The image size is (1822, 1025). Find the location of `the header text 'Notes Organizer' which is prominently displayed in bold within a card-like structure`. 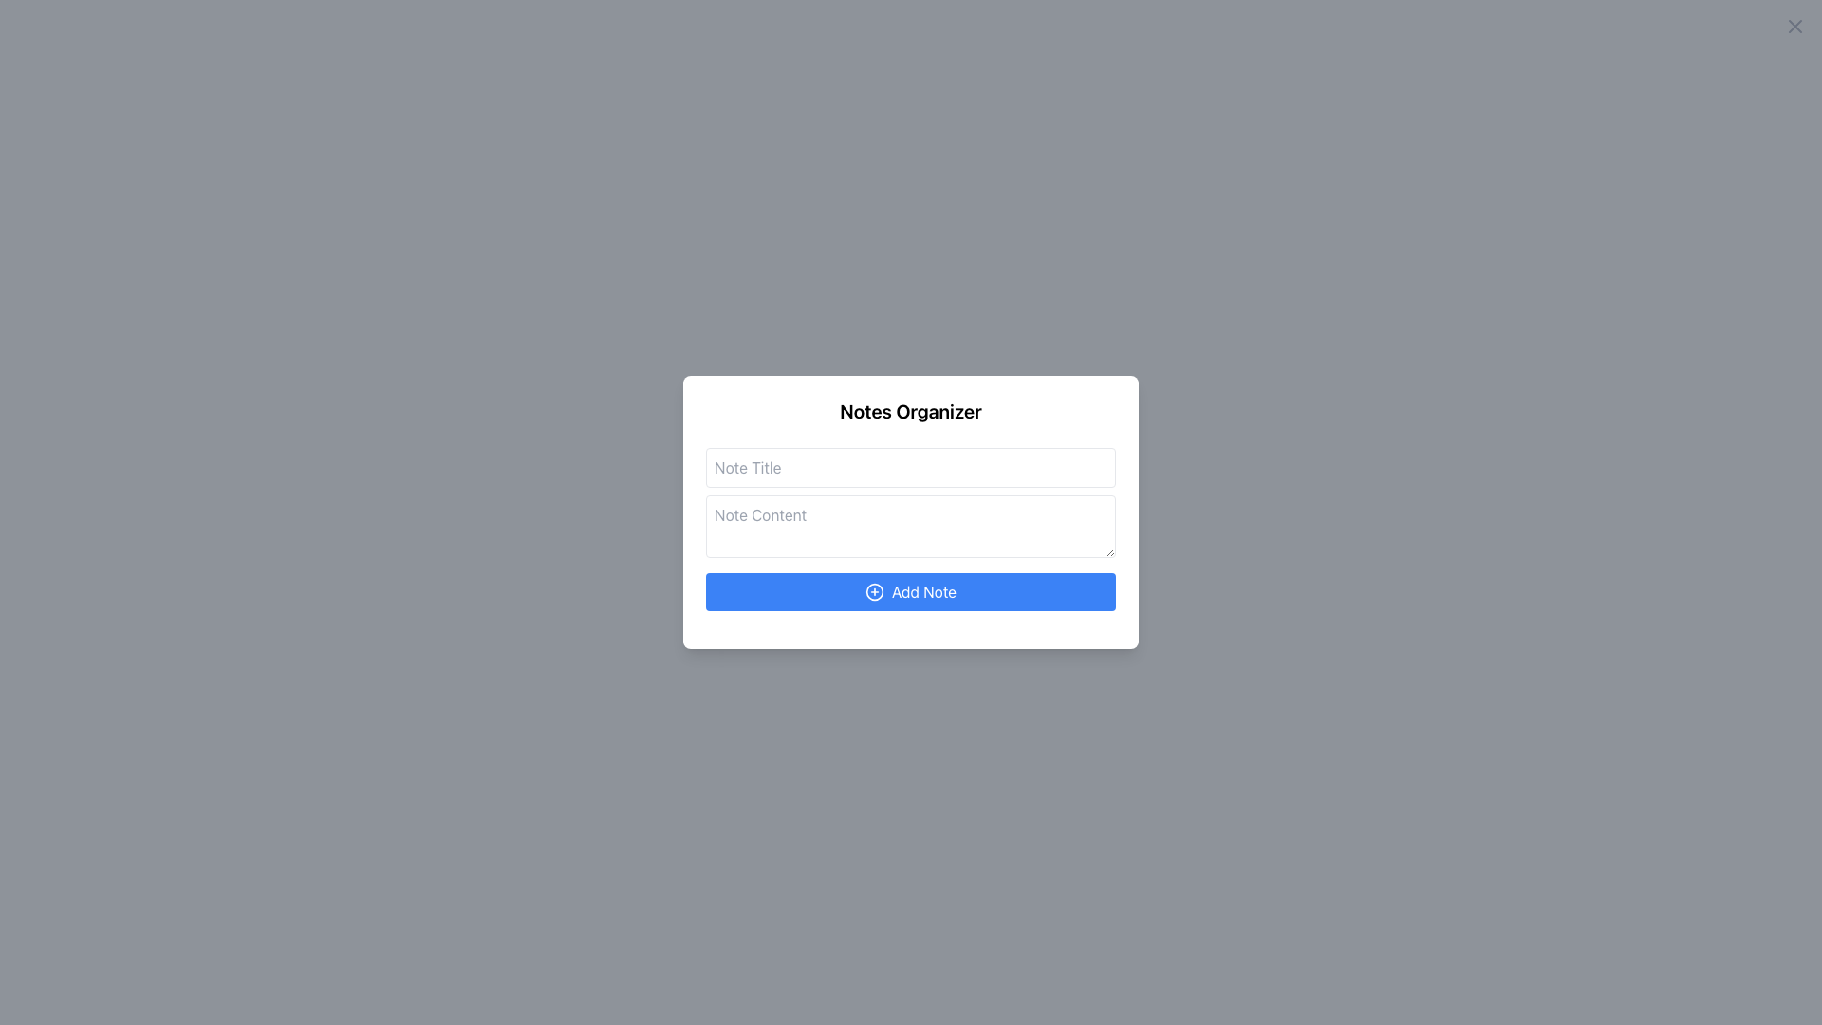

the header text 'Notes Organizer' which is prominently displayed in bold within a card-like structure is located at coordinates (911, 411).